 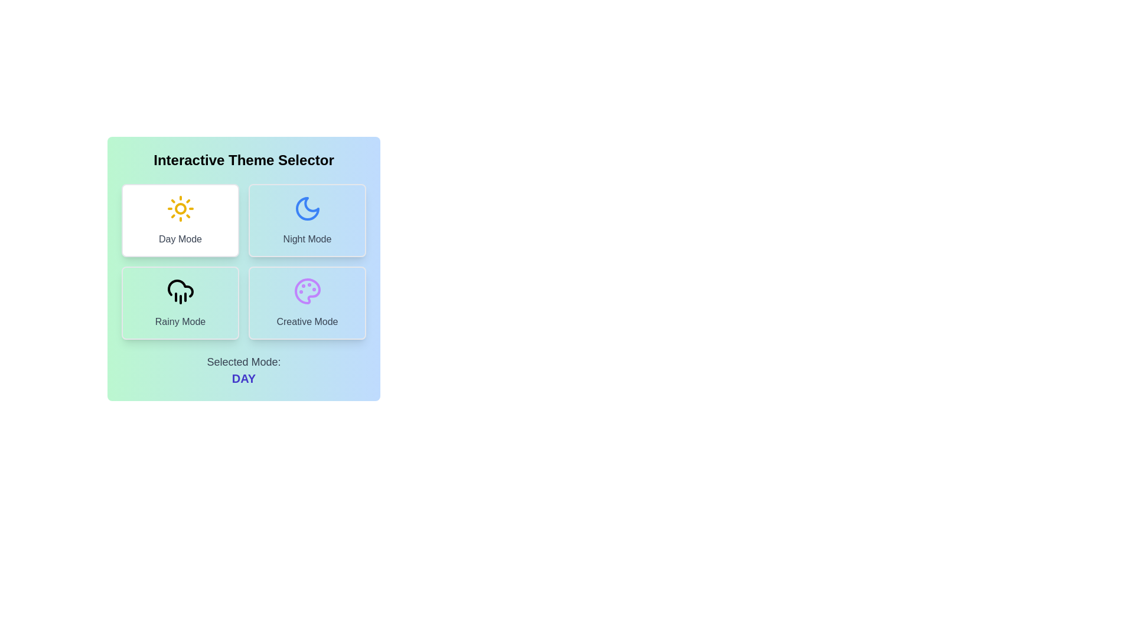 What do you see at coordinates (307, 302) in the screenshot?
I see `the theme Creative Mode by clicking its corresponding button` at bounding box center [307, 302].